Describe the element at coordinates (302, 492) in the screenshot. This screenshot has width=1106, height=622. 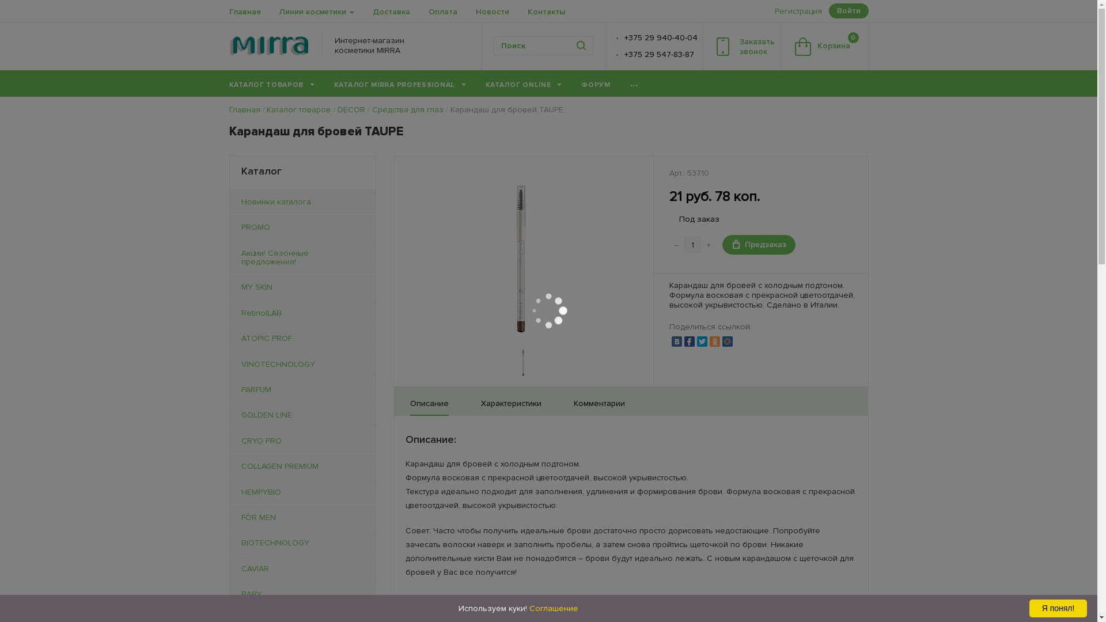
I see `'HEMPYBIO'` at that location.